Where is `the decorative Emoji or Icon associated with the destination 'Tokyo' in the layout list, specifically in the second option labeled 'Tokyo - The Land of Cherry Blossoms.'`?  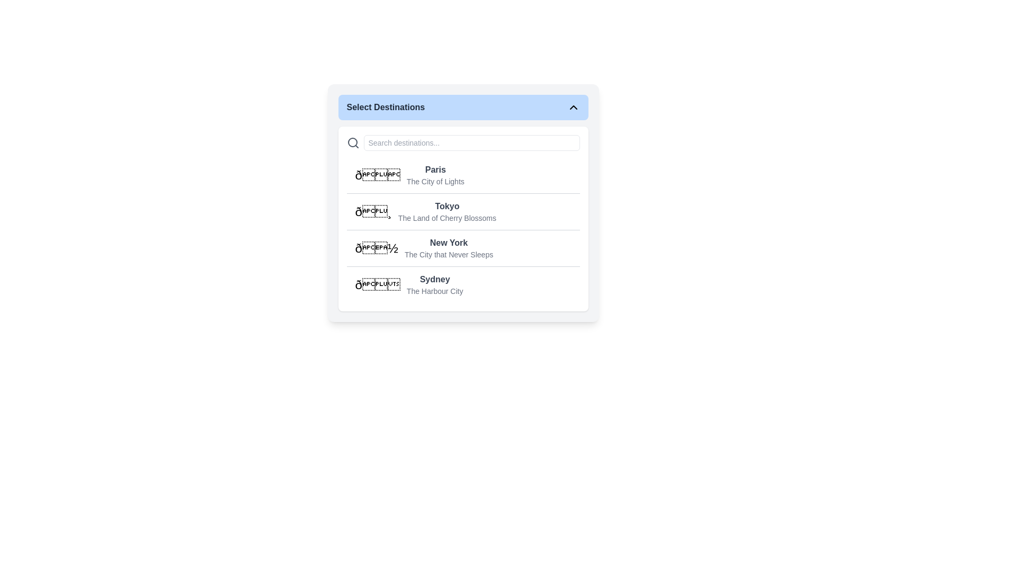
the decorative Emoji or Icon associated with the destination 'Tokyo' in the layout list, specifically in the second option labeled 'Tokyo - The Land of Cherry Blossoms.' is located at coordinates (373, 212).